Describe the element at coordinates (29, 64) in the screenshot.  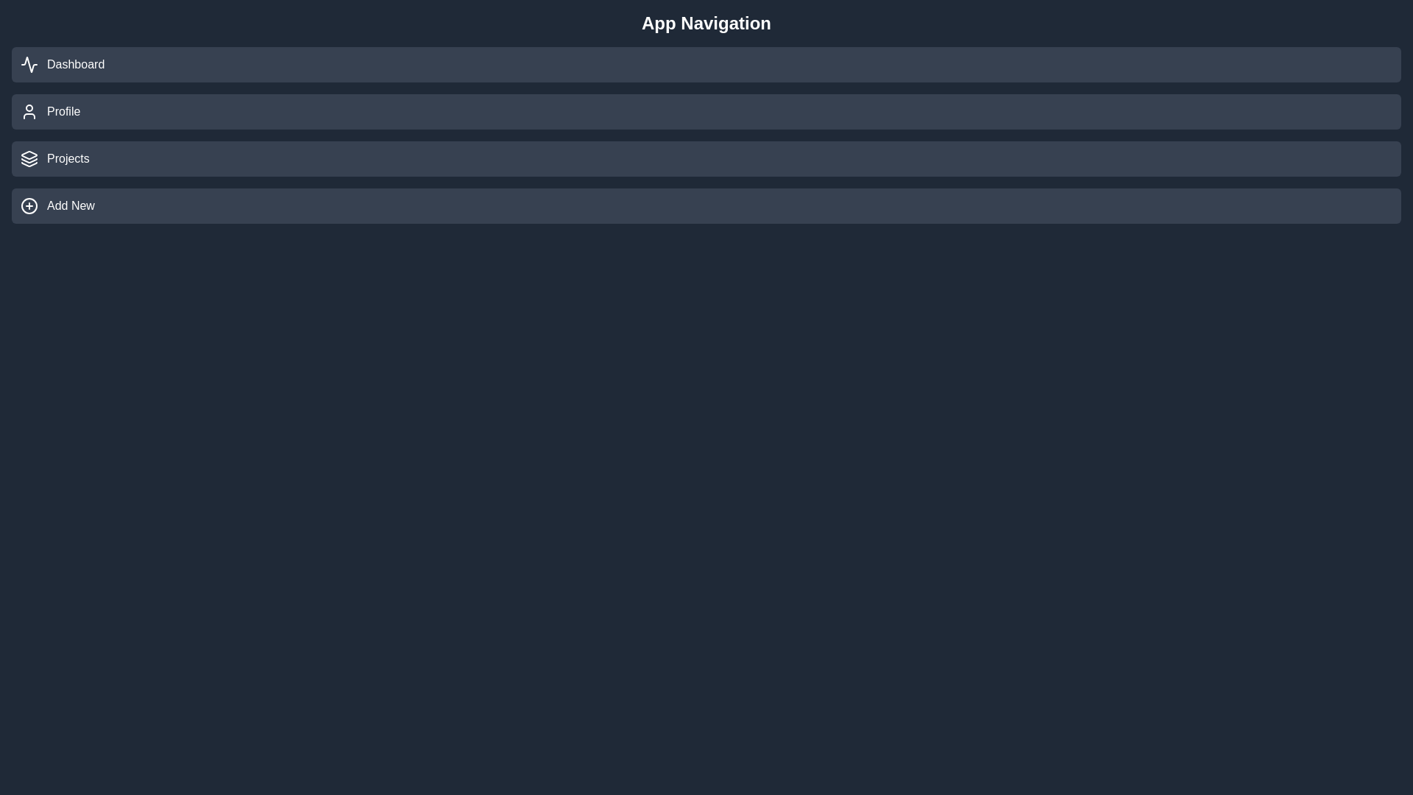
I see `the waveform activity signal icon located to the left of the 'Dashboard' text` at that location.